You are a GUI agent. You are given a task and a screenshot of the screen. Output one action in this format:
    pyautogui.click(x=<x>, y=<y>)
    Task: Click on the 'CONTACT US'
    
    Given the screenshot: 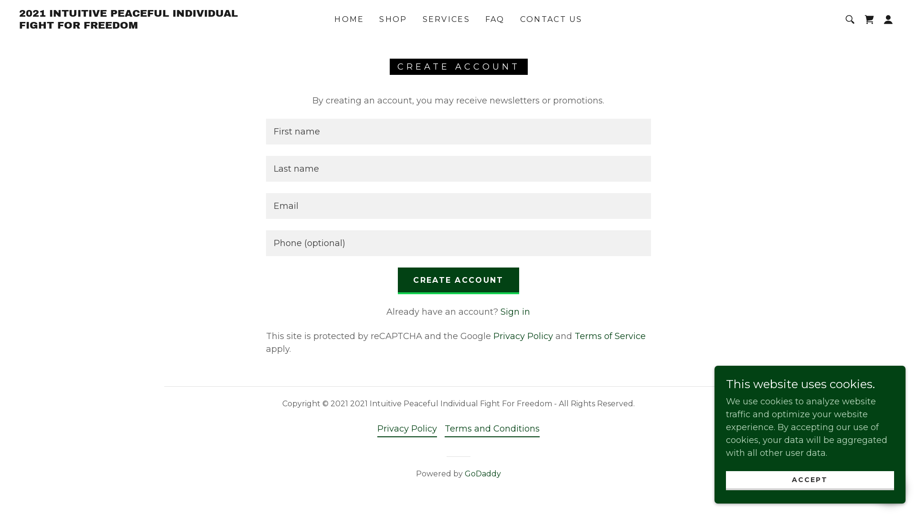 What is the action you would take?
    pyautogui.click(x=551, y=20)
    